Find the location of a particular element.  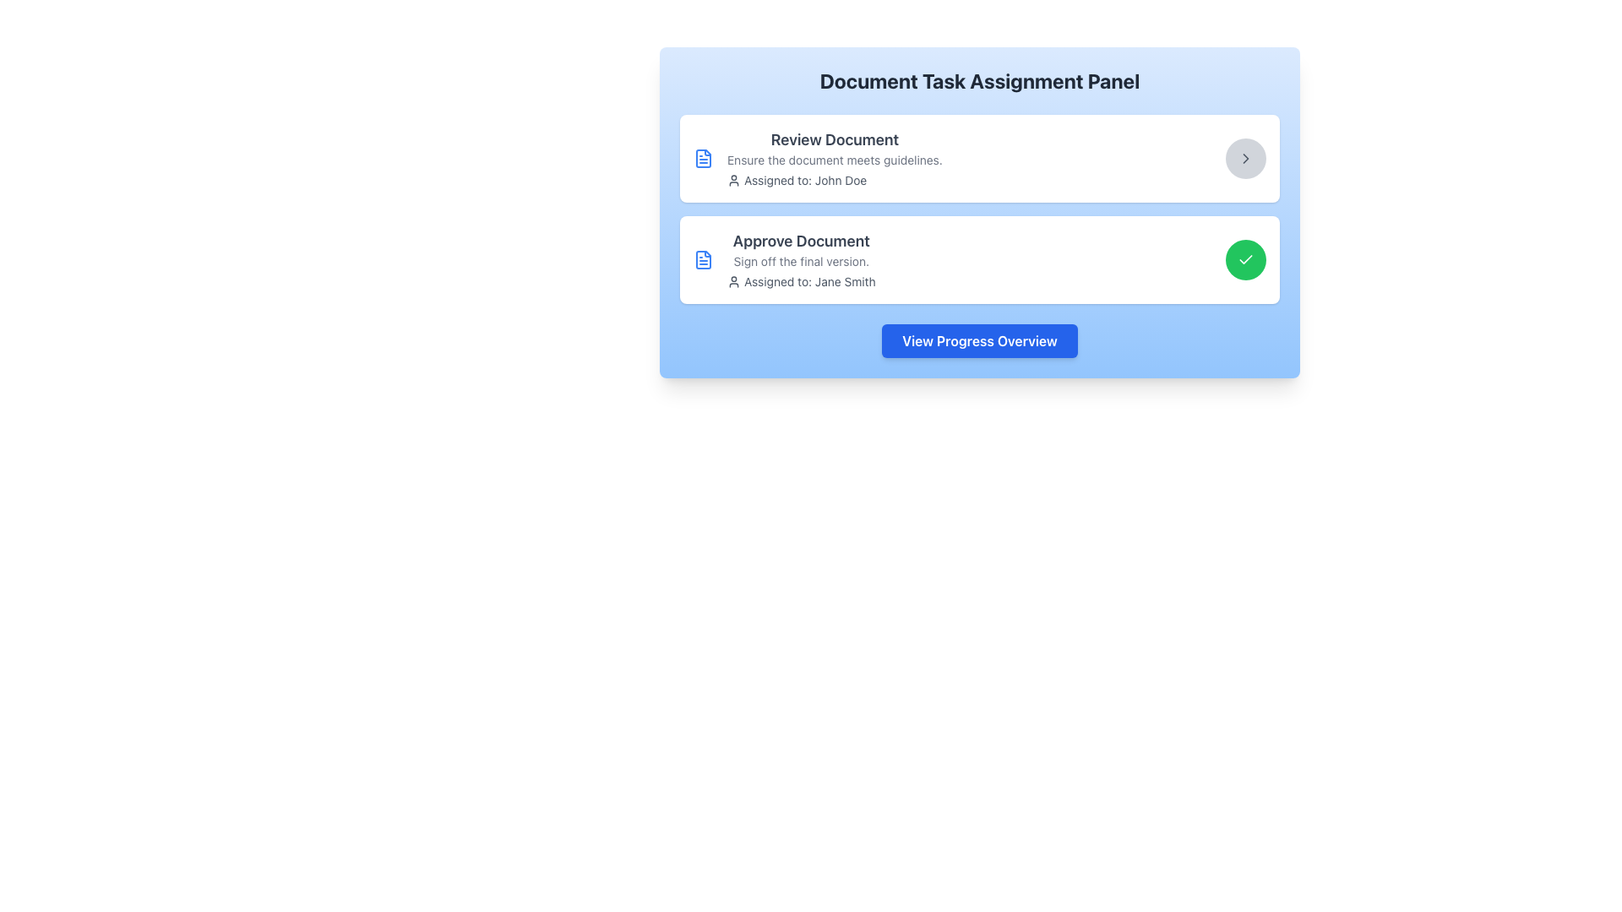

the Chevron/Arrow icon located at the top-right corner of the 'Review Document' task card, which indicates navigation or expansion is located at coordinates (1245, 159).